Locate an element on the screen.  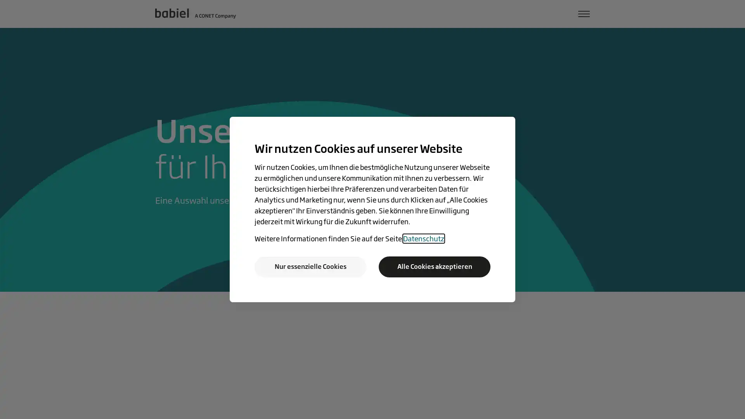
Alle Cookies akzeptieren is located at coordinates (434, 266).